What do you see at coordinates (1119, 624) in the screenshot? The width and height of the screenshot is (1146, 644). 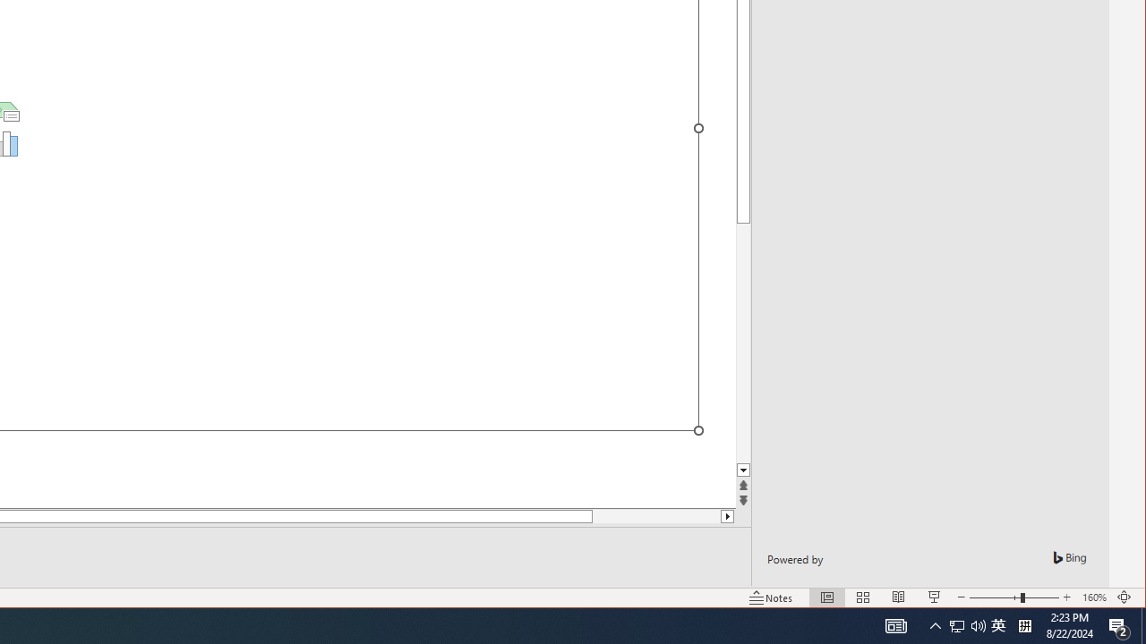 I see `'Action Center, 2 new notifications'` at bounding box center [1119, 624].